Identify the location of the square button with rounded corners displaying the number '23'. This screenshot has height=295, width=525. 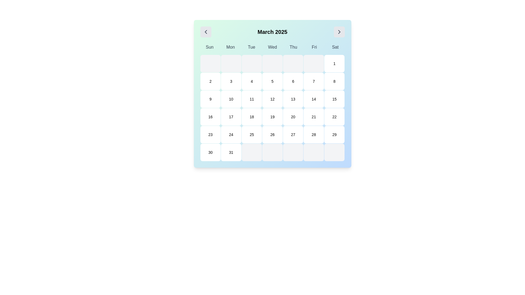
(210, 135).